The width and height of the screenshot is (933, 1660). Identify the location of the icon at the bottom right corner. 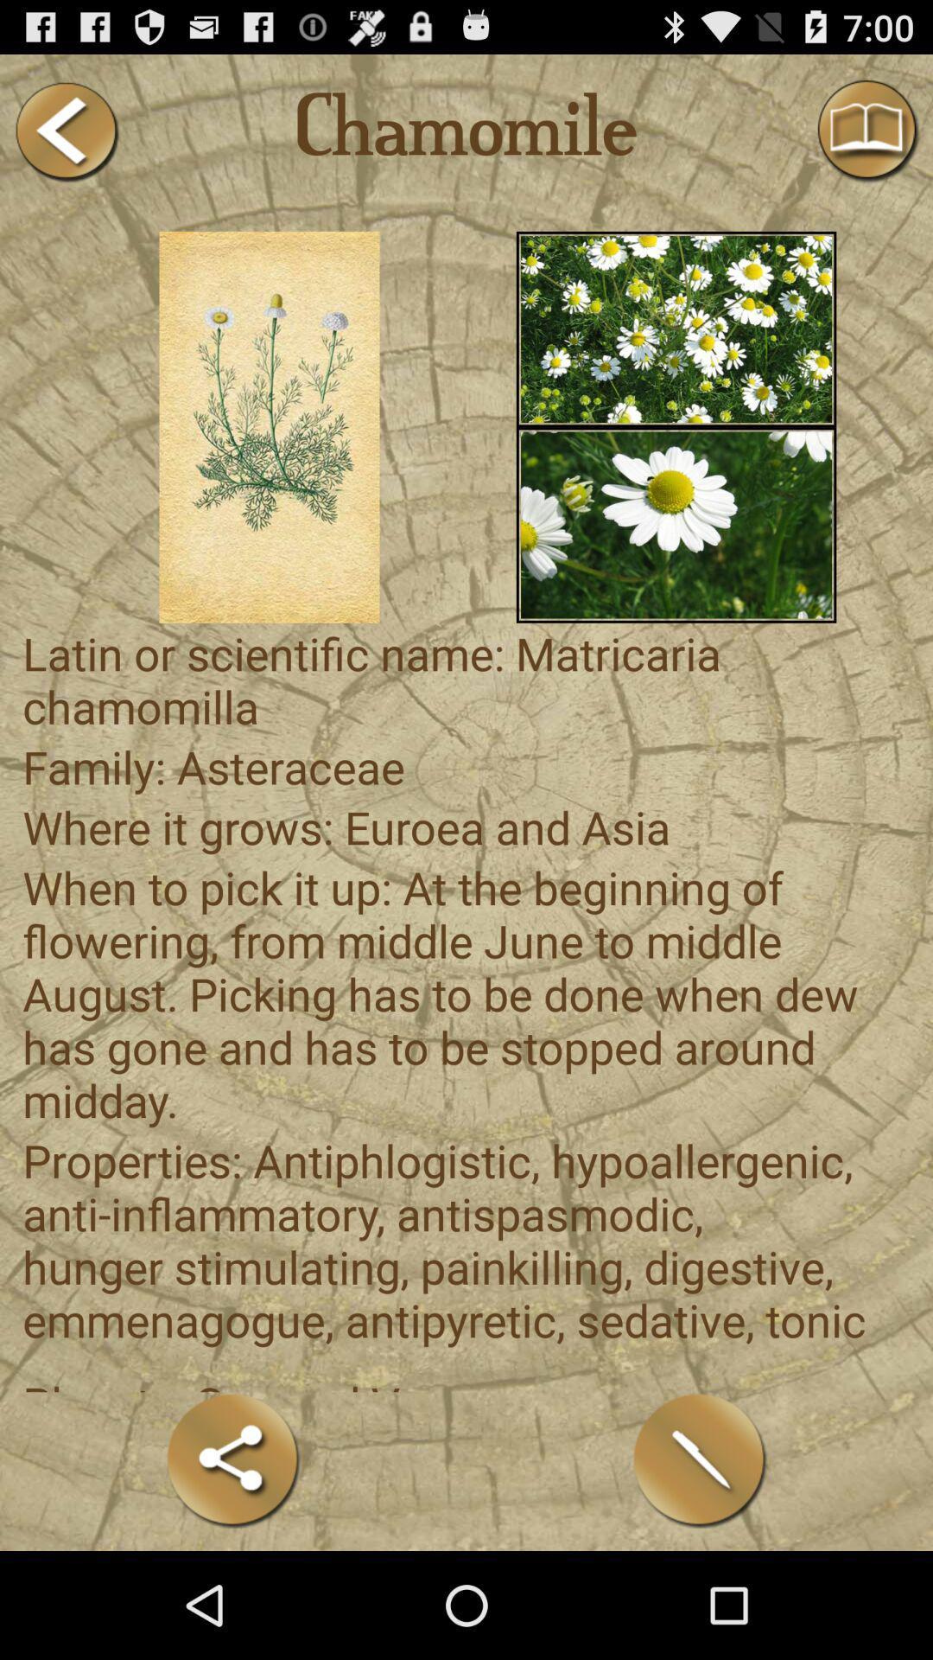
(700, 1459).